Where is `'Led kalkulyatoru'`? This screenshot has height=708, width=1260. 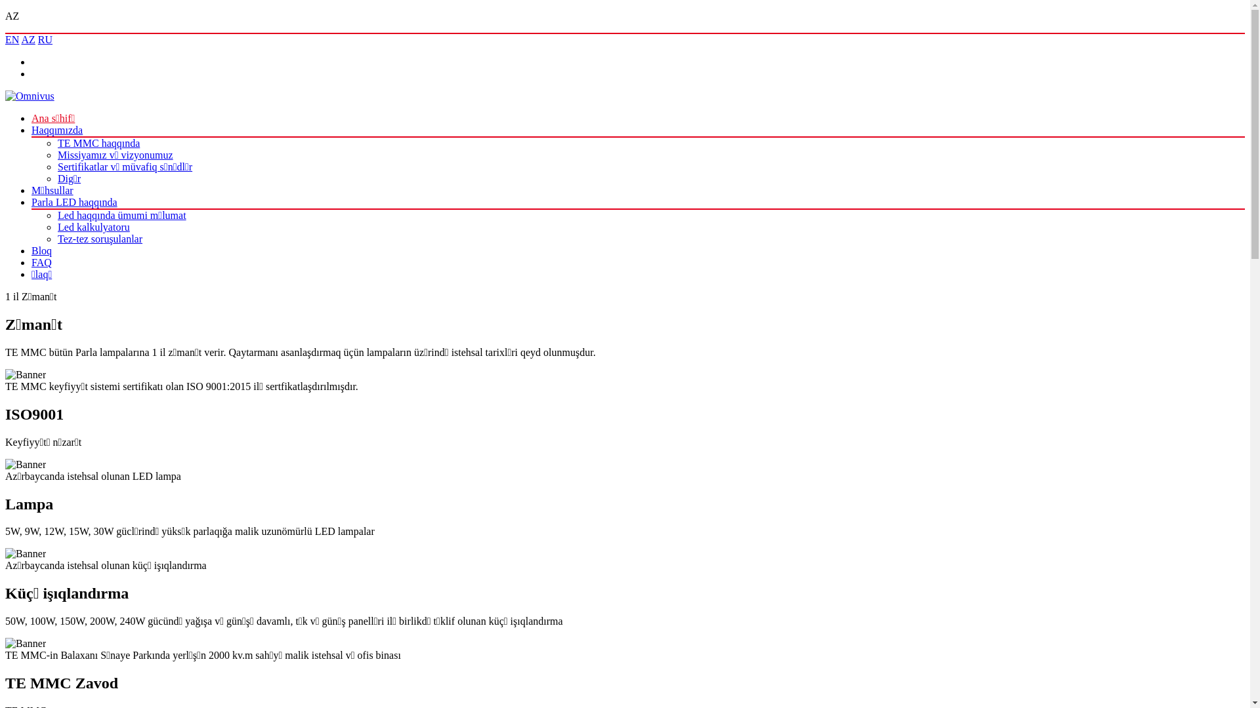 'Led kalkulyatoru' is located at coordinates (93, 226).